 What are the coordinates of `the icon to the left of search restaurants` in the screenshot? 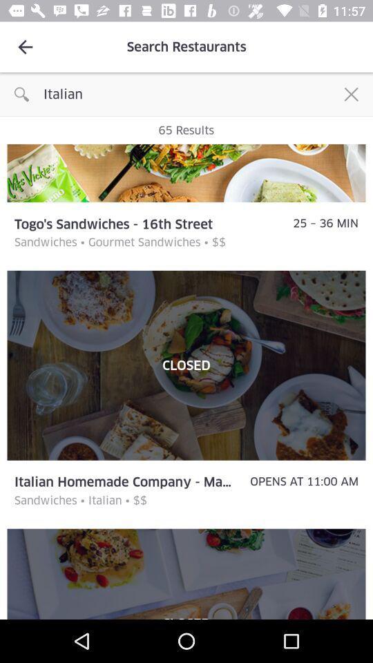 It's located at (25, 47).